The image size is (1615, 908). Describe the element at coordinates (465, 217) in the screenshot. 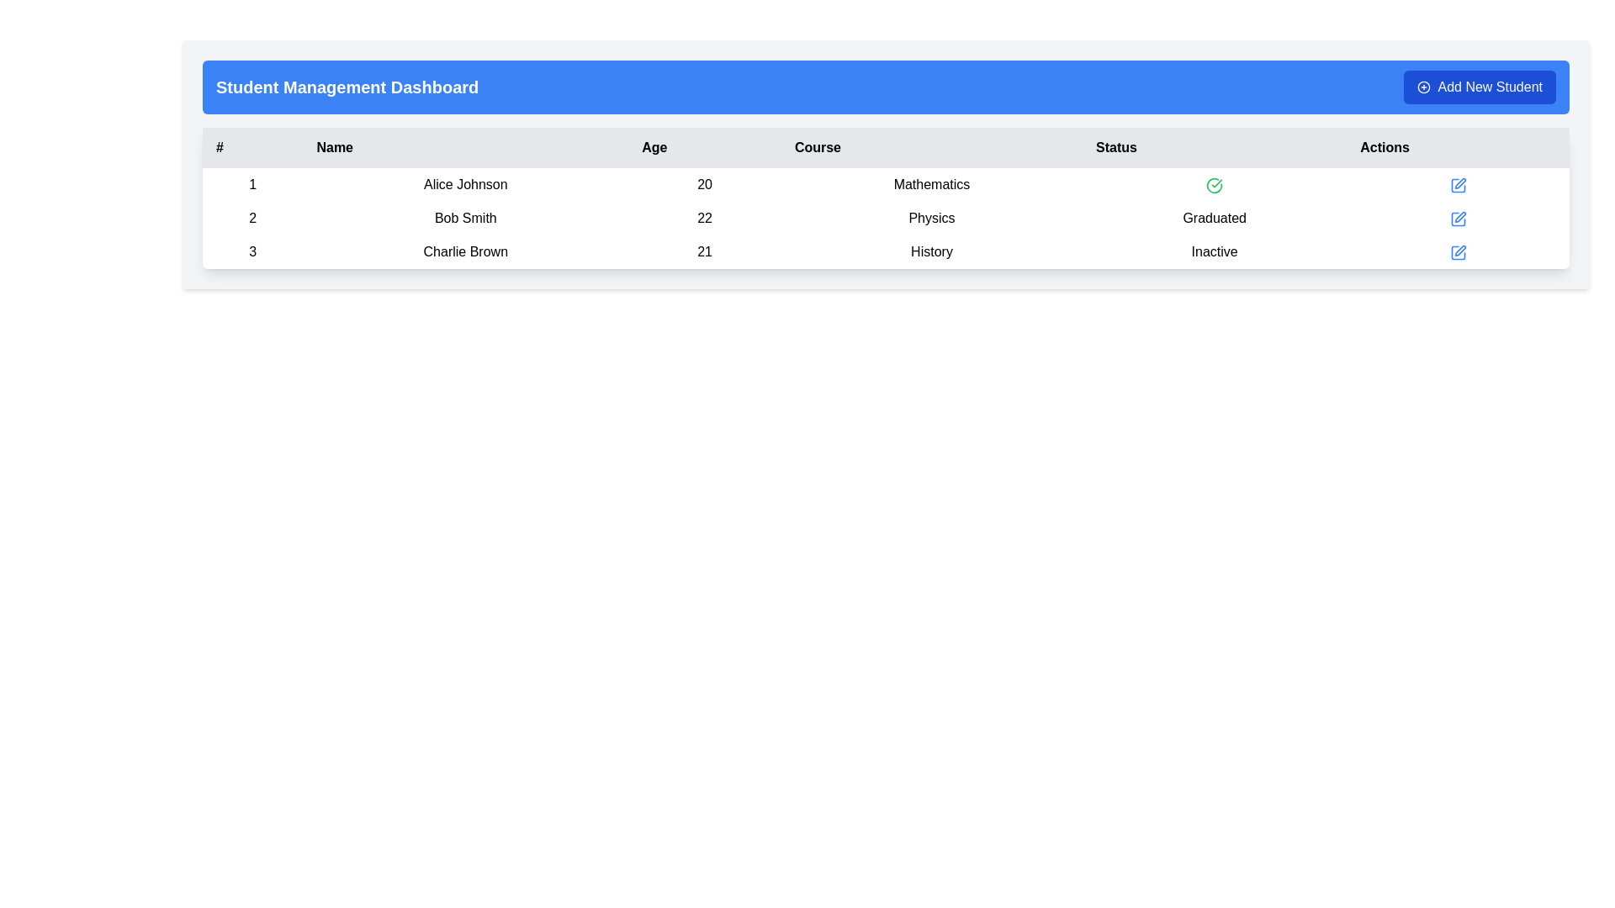

I see `the text label displaying 'Bob Smith' located in the second row of the table under the 'Name' column` at that location.